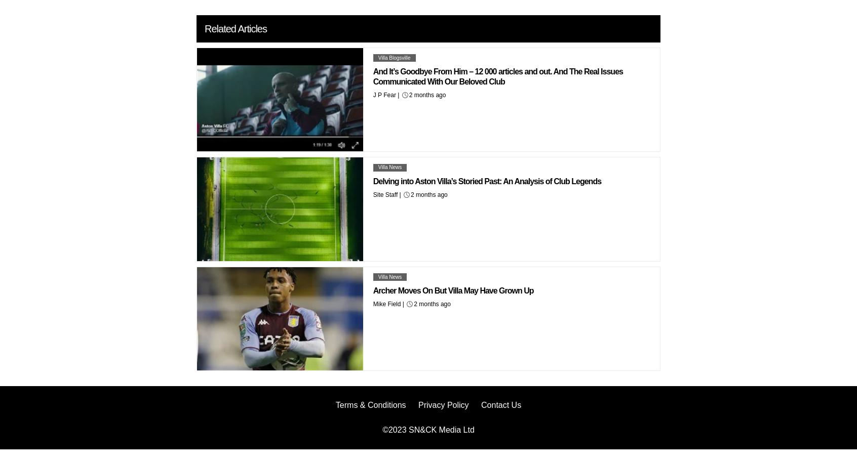  Describe the element at coordinates (372, 181) in the screenshot. I see `'Delving into Aston Villa’s Storied Past: An Analysis of Club Legends'` at that location.